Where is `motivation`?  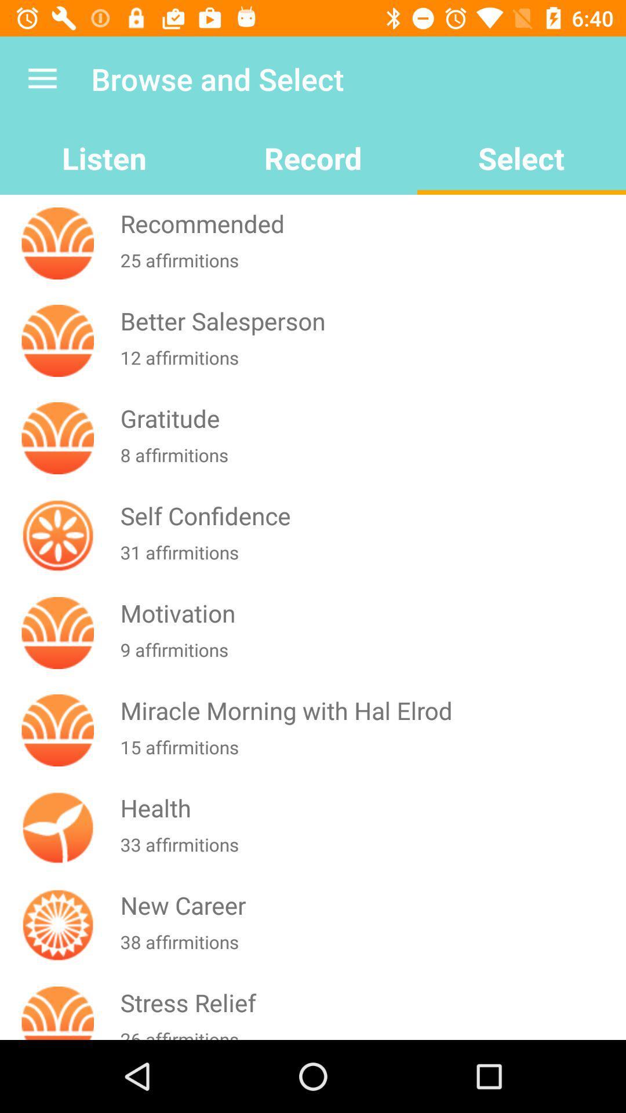
motivation is located at coordinates (370, 612).